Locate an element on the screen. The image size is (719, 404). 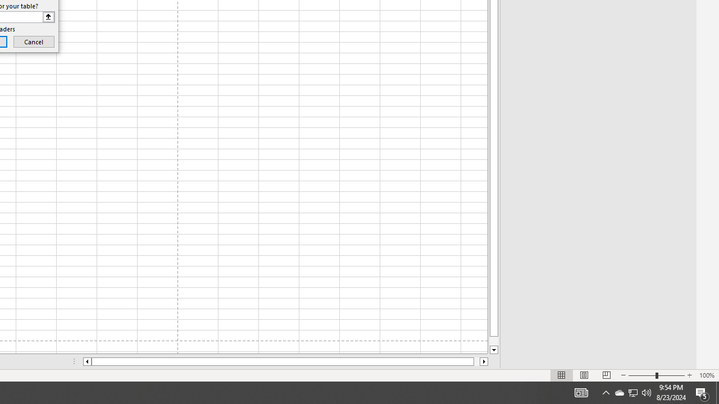
'Zoom In' is located at coordinates (689, 375).